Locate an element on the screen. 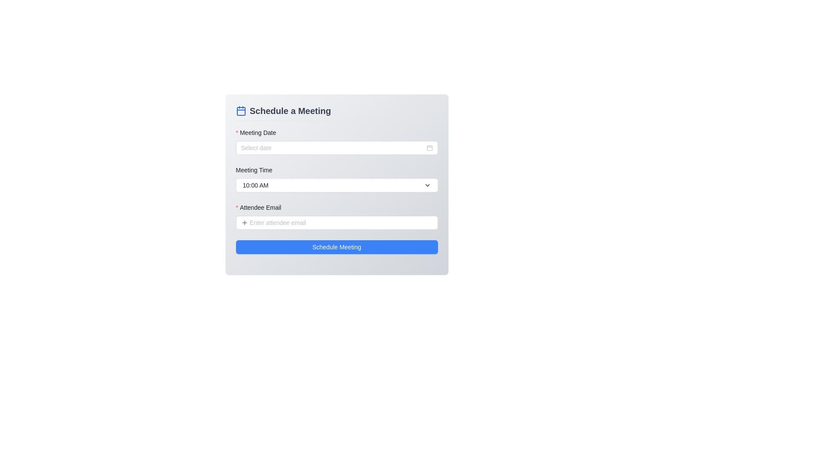 The width and height of the screenshot is (836, 470). the calendar icon located to the far right of the 'Meeting Date' input field through keyboard navigation is located at coordinates (429, 147).